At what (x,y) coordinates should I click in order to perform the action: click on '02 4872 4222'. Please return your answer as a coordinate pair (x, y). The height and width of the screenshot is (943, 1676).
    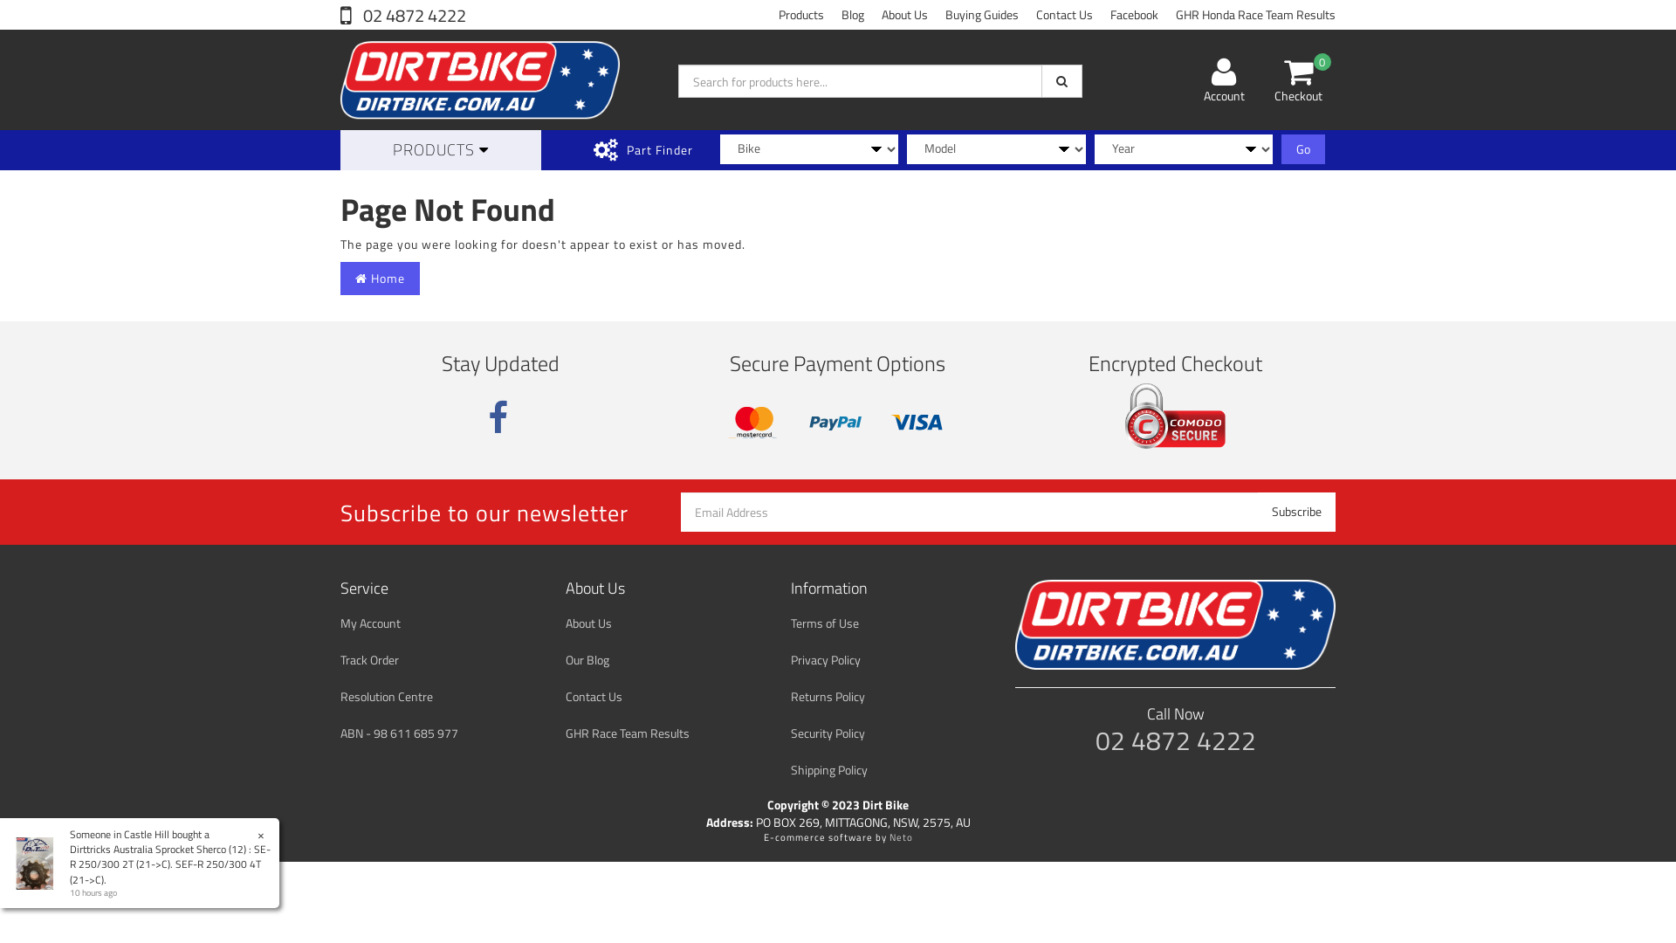
    Looking at the image, I should click on (402, 15).